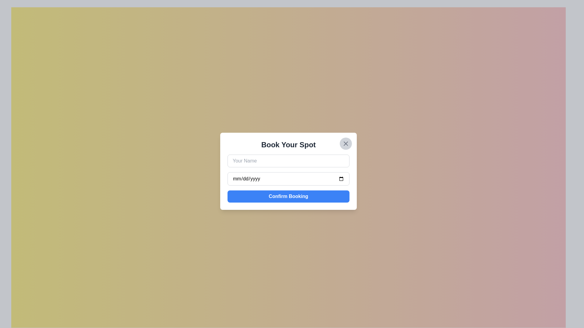 This screenshot has height=328, width=584. Describe the element at coordinates (346, 144) in the screenshot. I see `the close button to close the dialog` at that location.